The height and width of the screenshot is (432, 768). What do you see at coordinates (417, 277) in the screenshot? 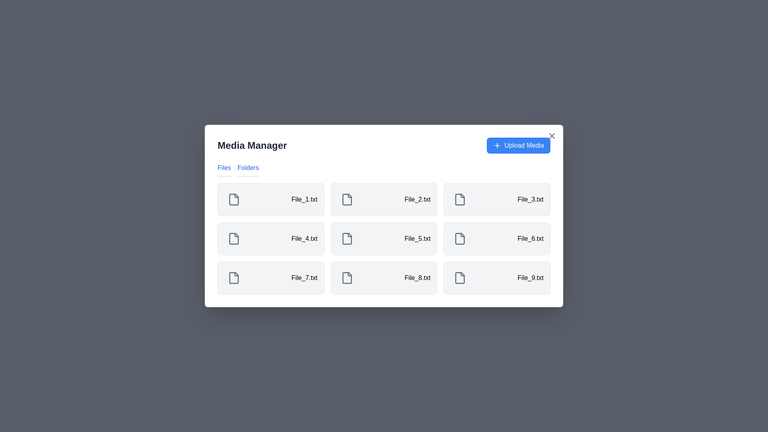
I see `the text label displaying 'File_8.txt' located inside a rectangular card in the second row, third column of the grid layout` at bounding box center [417, 277].